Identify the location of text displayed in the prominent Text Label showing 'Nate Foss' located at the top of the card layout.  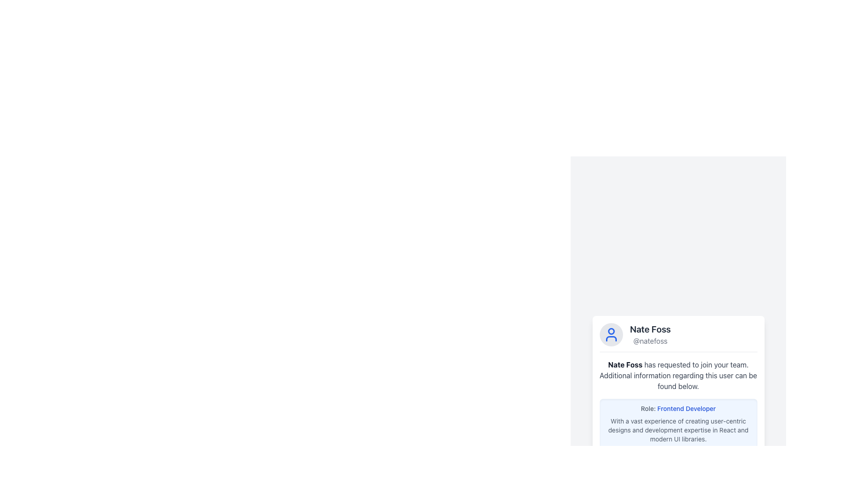
(650, 329).